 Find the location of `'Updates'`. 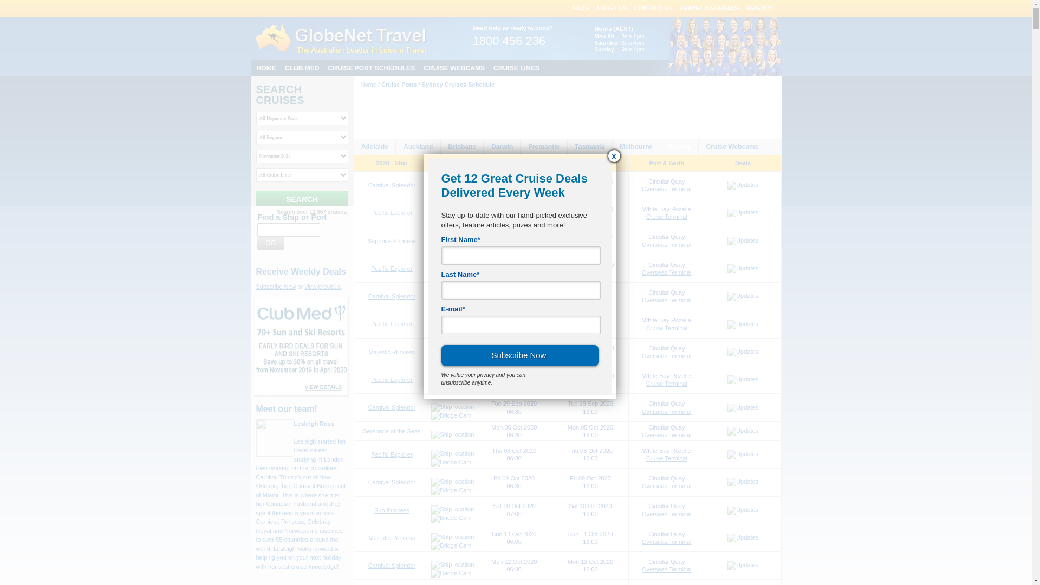

'Updates' is located at coordinates (742, 379).